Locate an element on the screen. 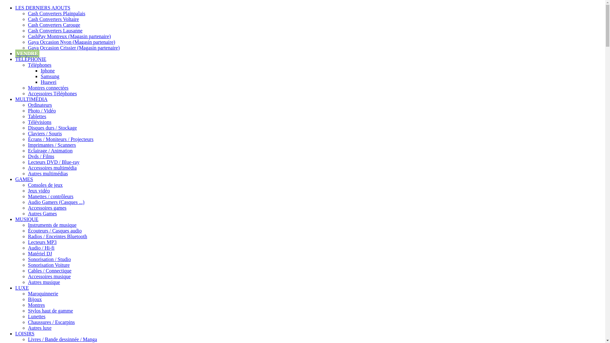 Image resolution: width=610 pixels, height=343 pixels. 'Bijoux' is located at coordinates (35, 299).